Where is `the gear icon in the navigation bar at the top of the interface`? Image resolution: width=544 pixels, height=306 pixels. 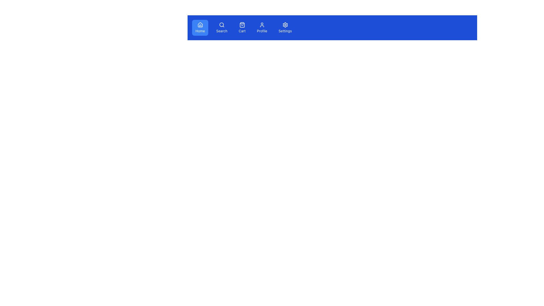
the gear icon in the navigation bar at the top of the interface is located at coordinates (285, 25).